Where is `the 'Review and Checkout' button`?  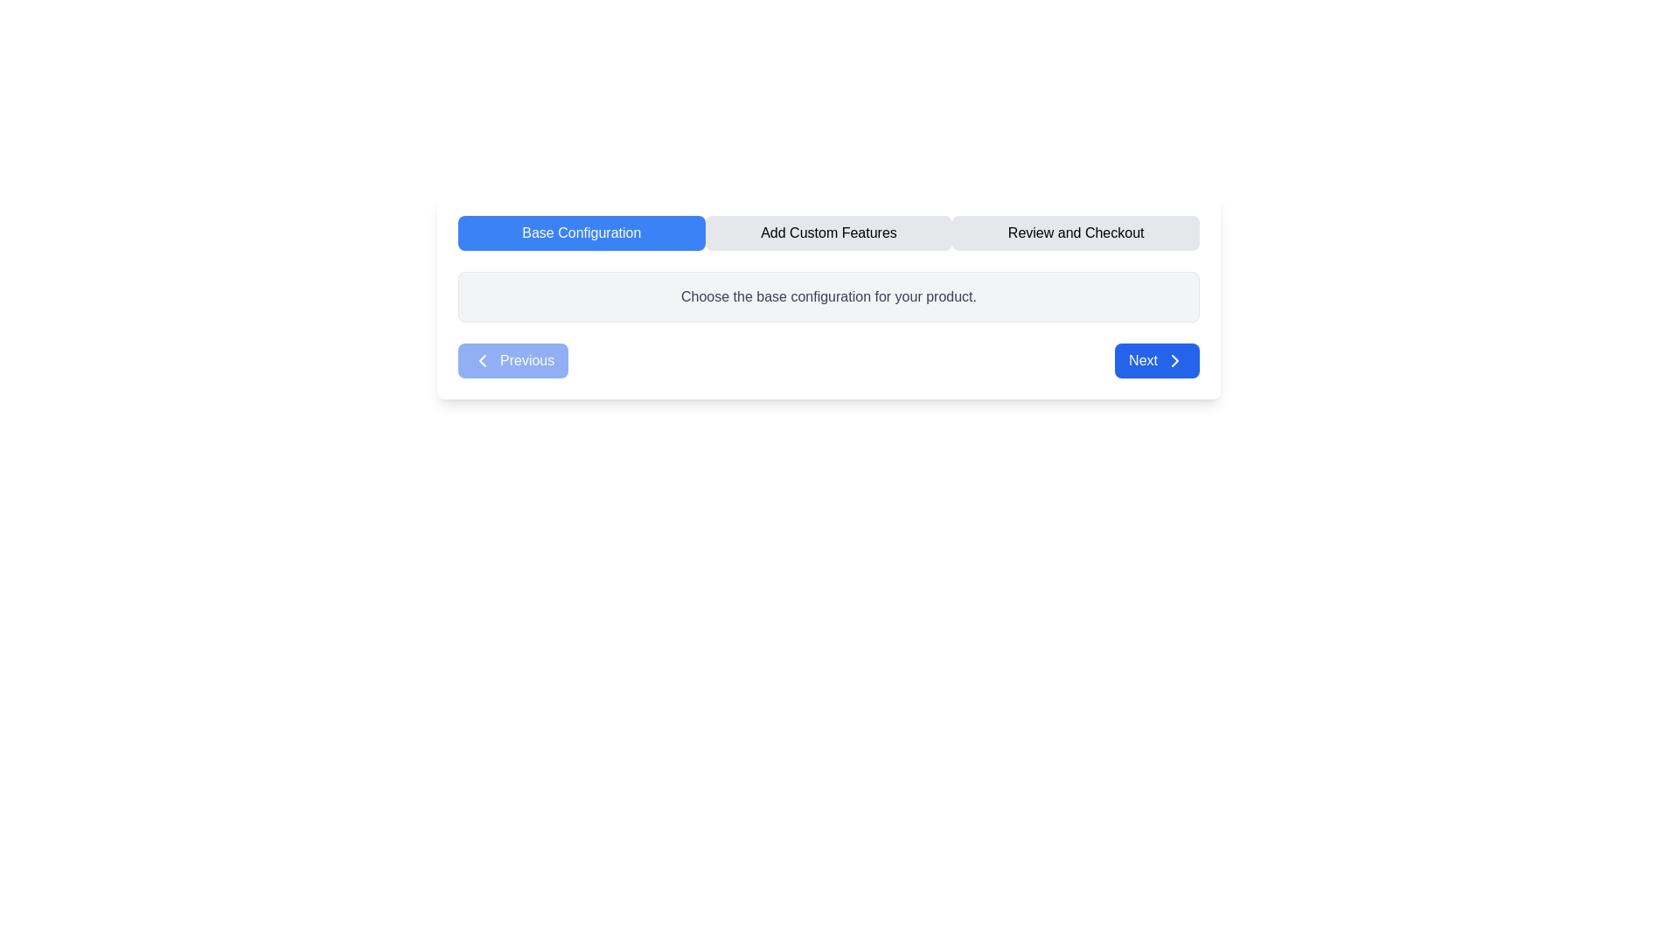
the 'Review and Checkout' button is located at coordinates (1075, 232).